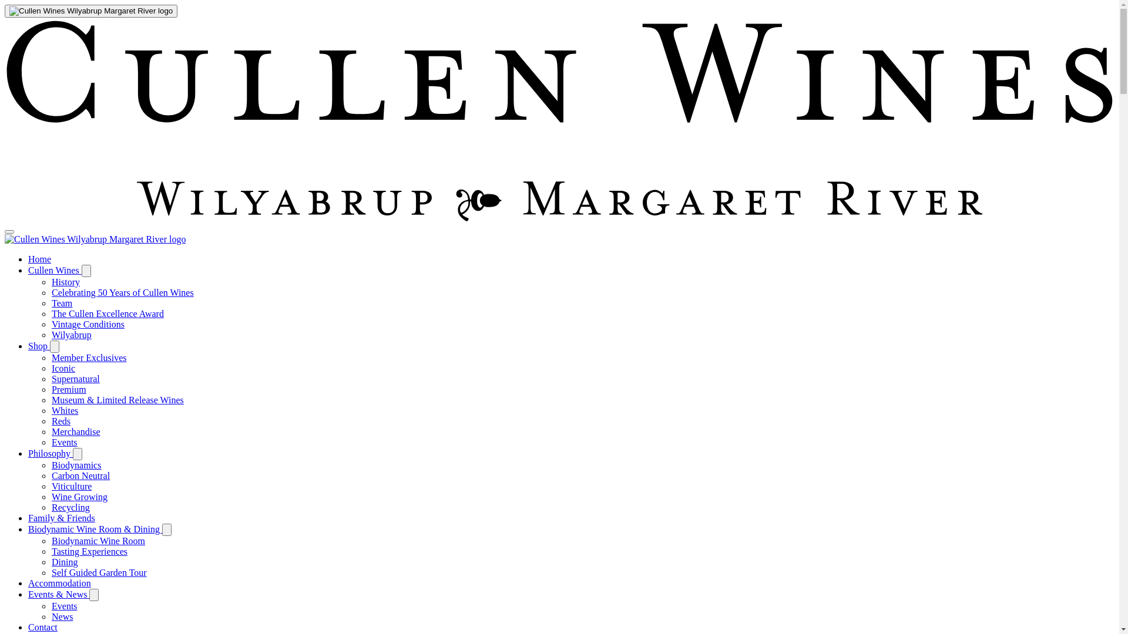 The height and width of the screenshot is (634, 1128). What do you see at coordinates (61, 302) in the screenshot?
I see `'Team'` at bounding box center [61, 302].